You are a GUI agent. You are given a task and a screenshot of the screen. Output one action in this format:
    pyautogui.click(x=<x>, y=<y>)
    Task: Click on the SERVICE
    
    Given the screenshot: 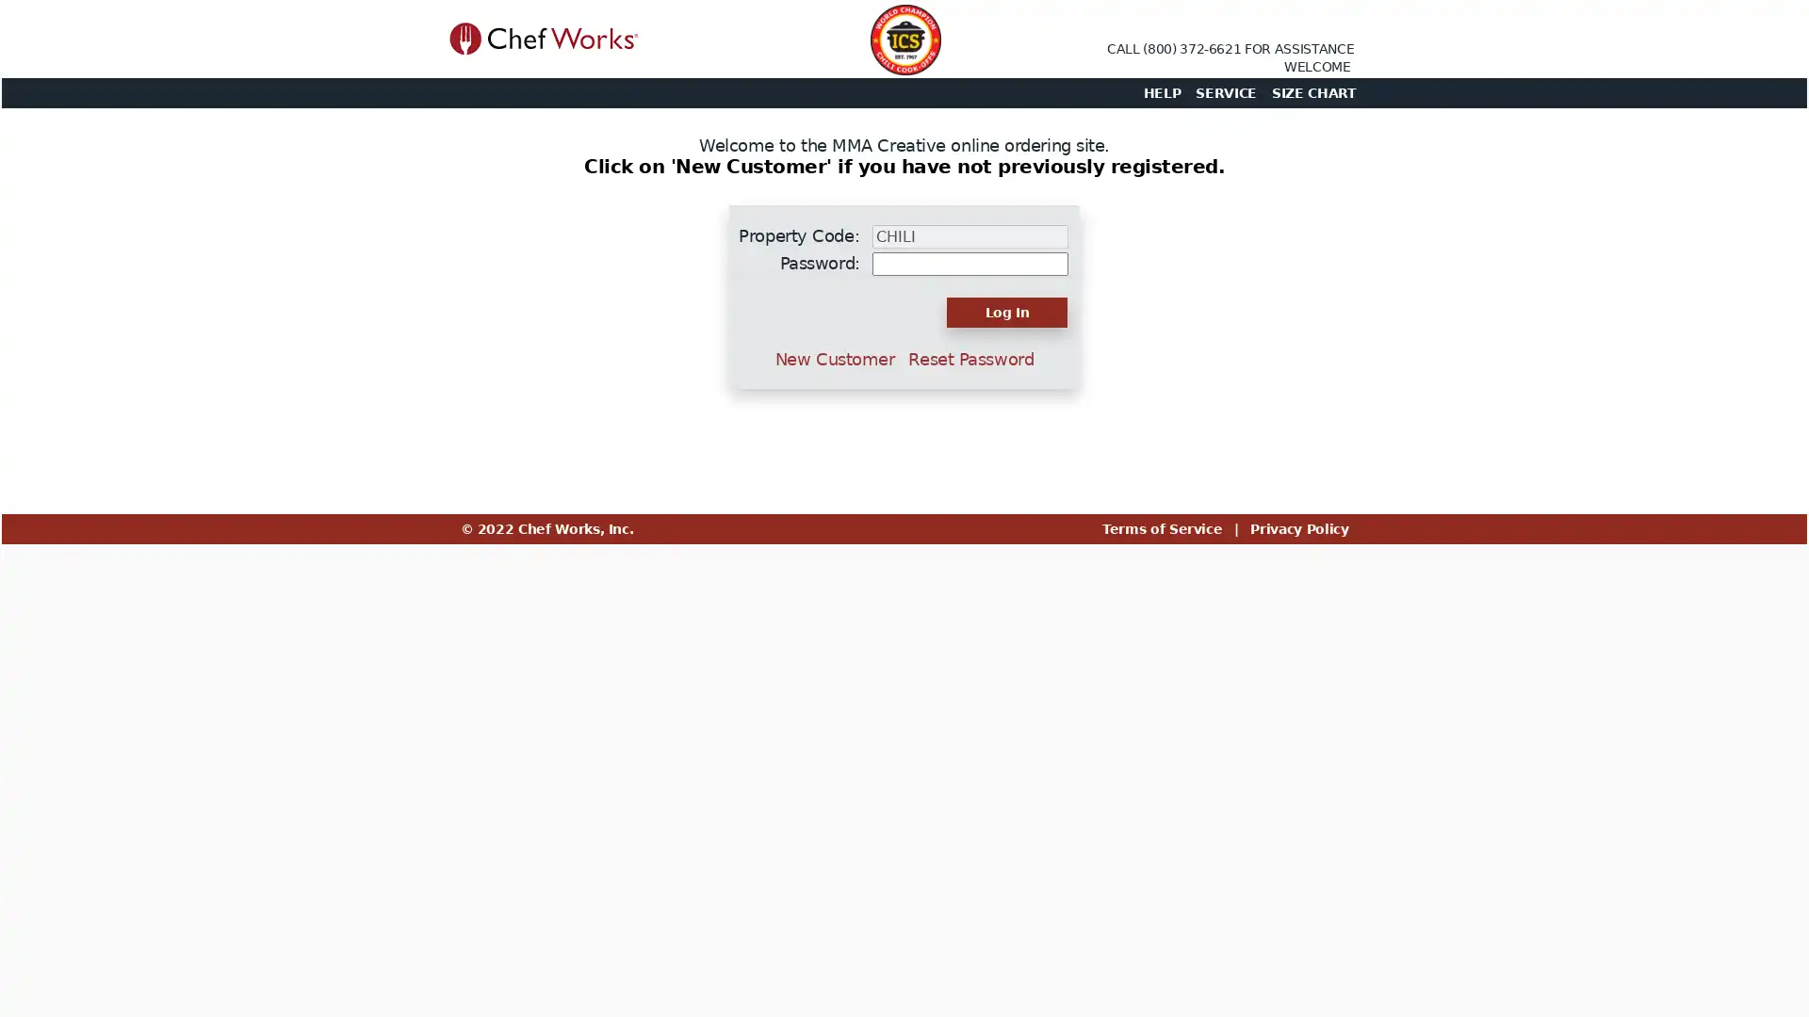 What is the action you would take?
    pyautogui.click(x=1226, y=93)
    